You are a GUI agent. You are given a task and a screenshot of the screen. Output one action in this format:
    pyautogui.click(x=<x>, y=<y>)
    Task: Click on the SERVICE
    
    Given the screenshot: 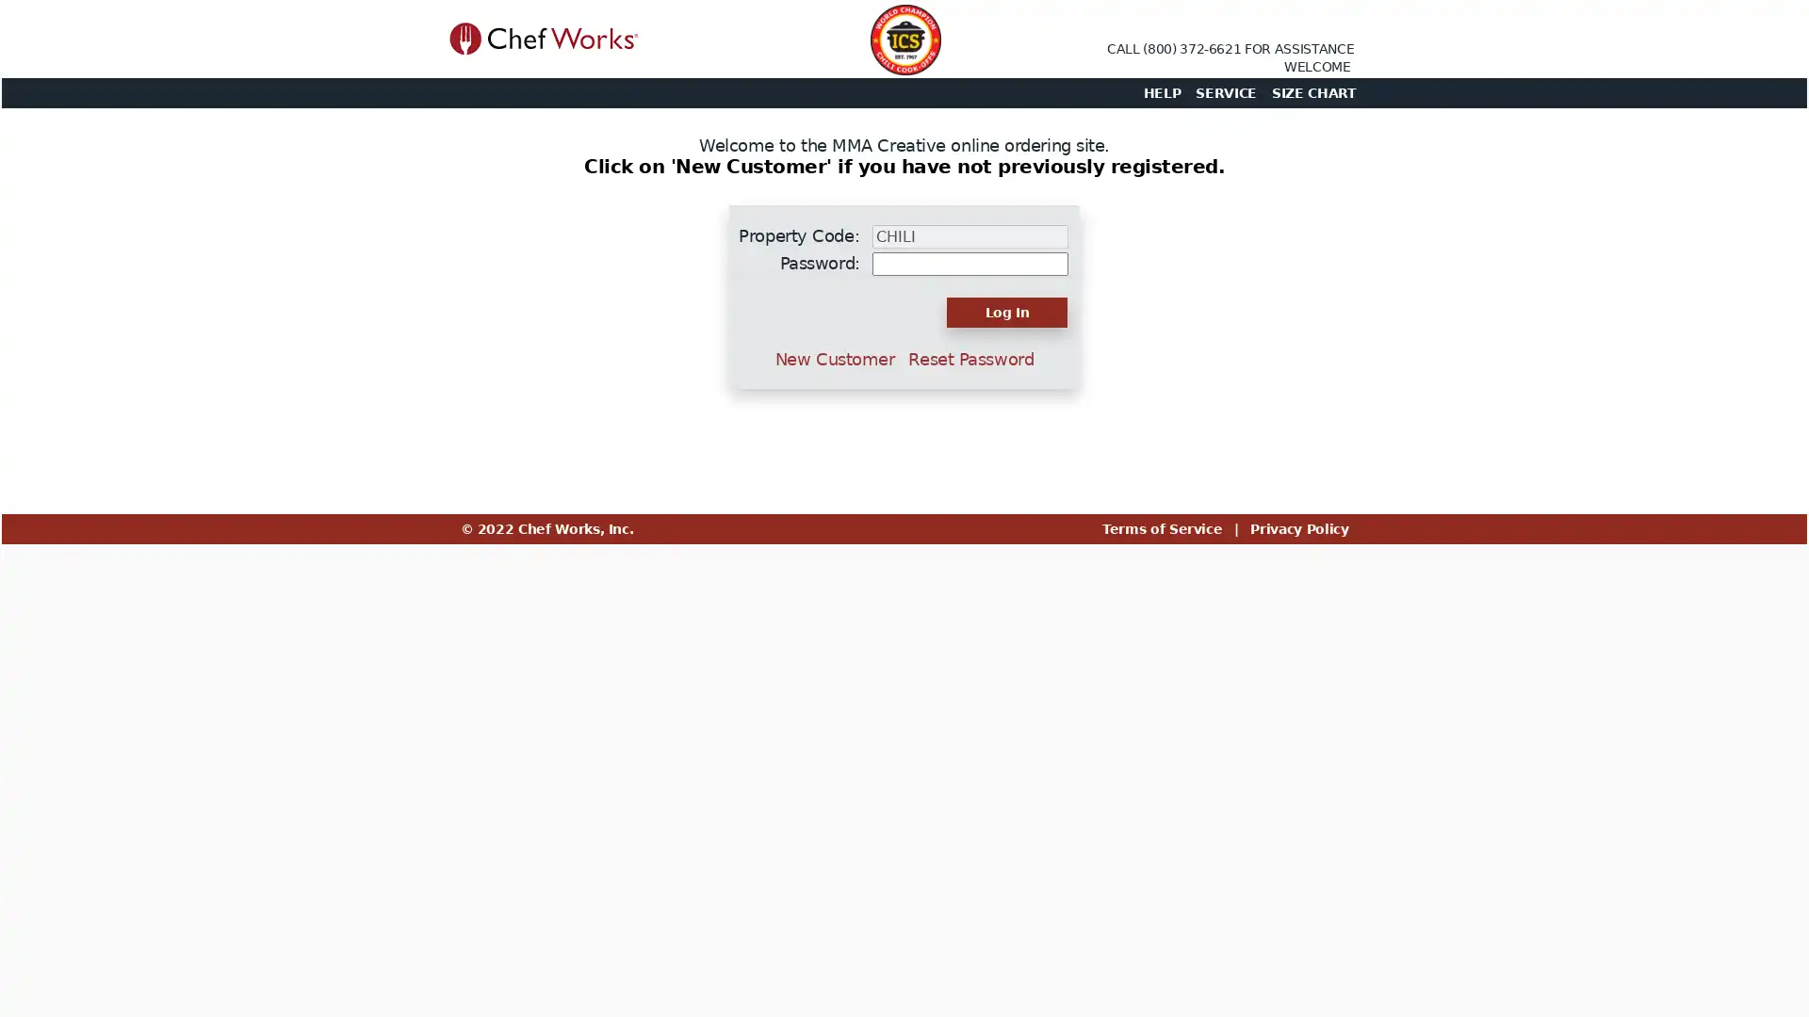 What is the action you would take?
    pyautogui.click(x=1226, y=93)
    